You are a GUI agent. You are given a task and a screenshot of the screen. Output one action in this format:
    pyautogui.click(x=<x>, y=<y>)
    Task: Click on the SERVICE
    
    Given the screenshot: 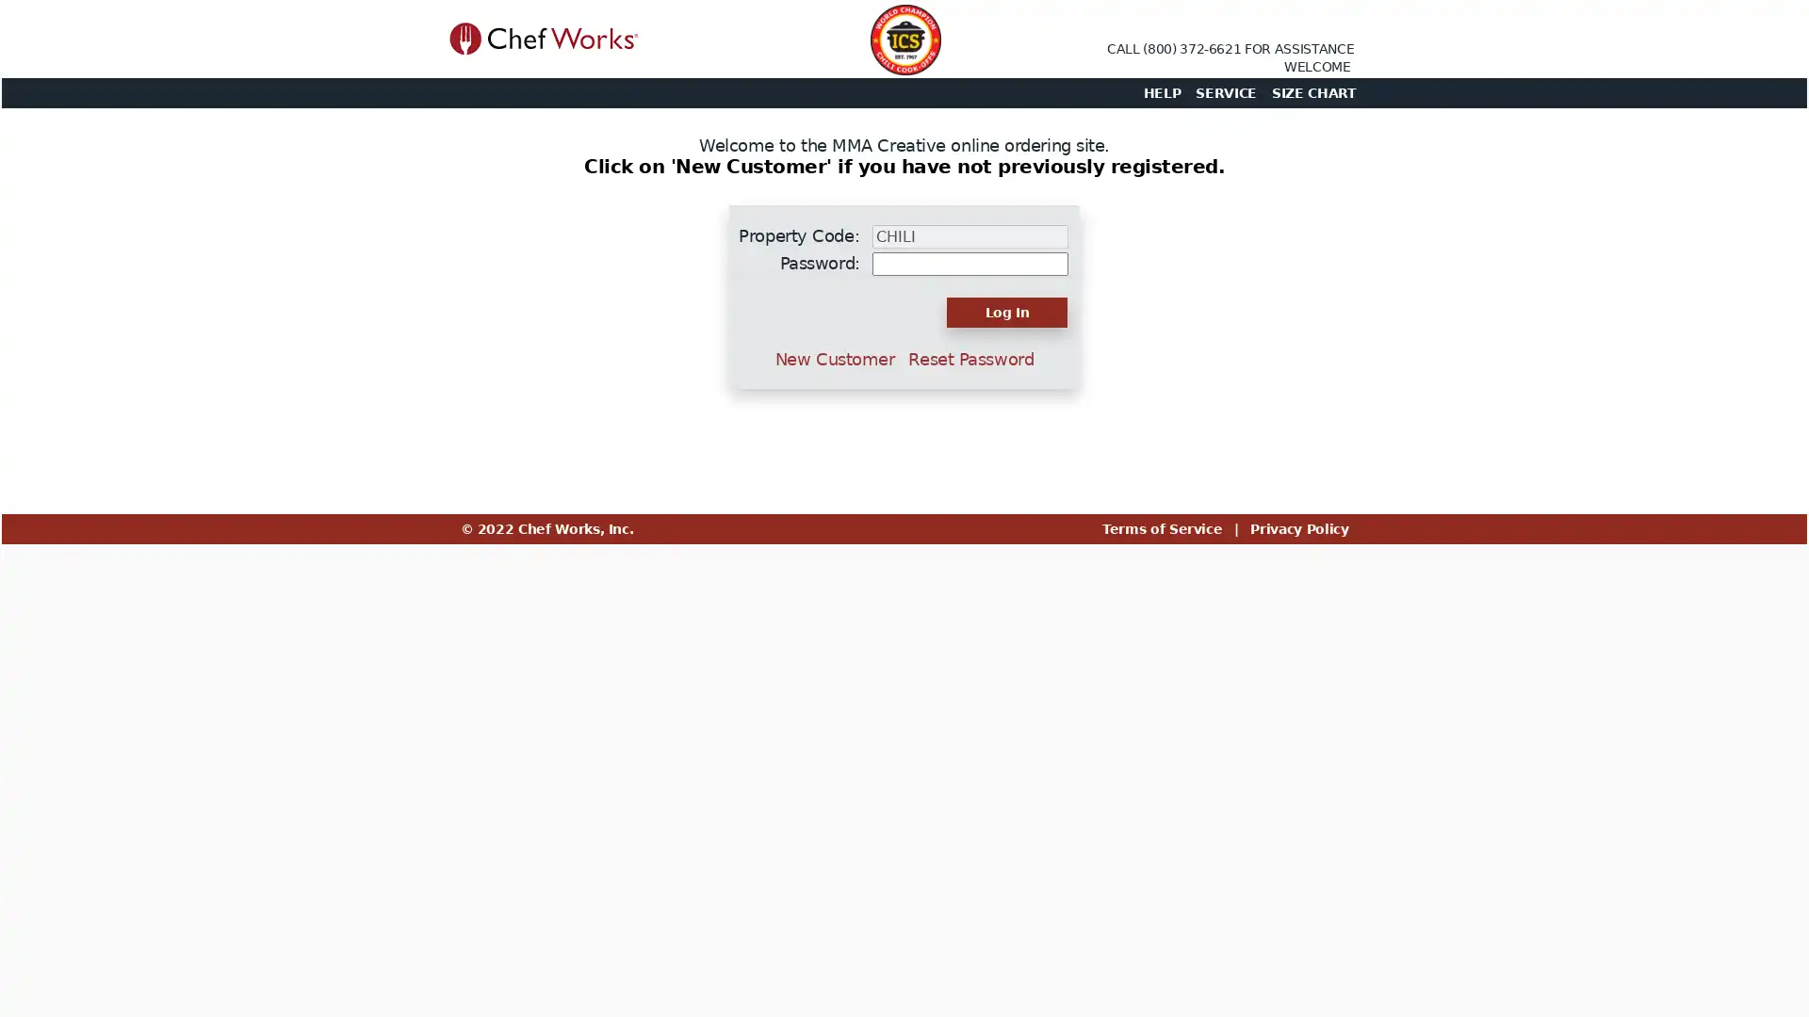 What is the action you would take?
    pyautogui.click(x=1226, y=93)
    